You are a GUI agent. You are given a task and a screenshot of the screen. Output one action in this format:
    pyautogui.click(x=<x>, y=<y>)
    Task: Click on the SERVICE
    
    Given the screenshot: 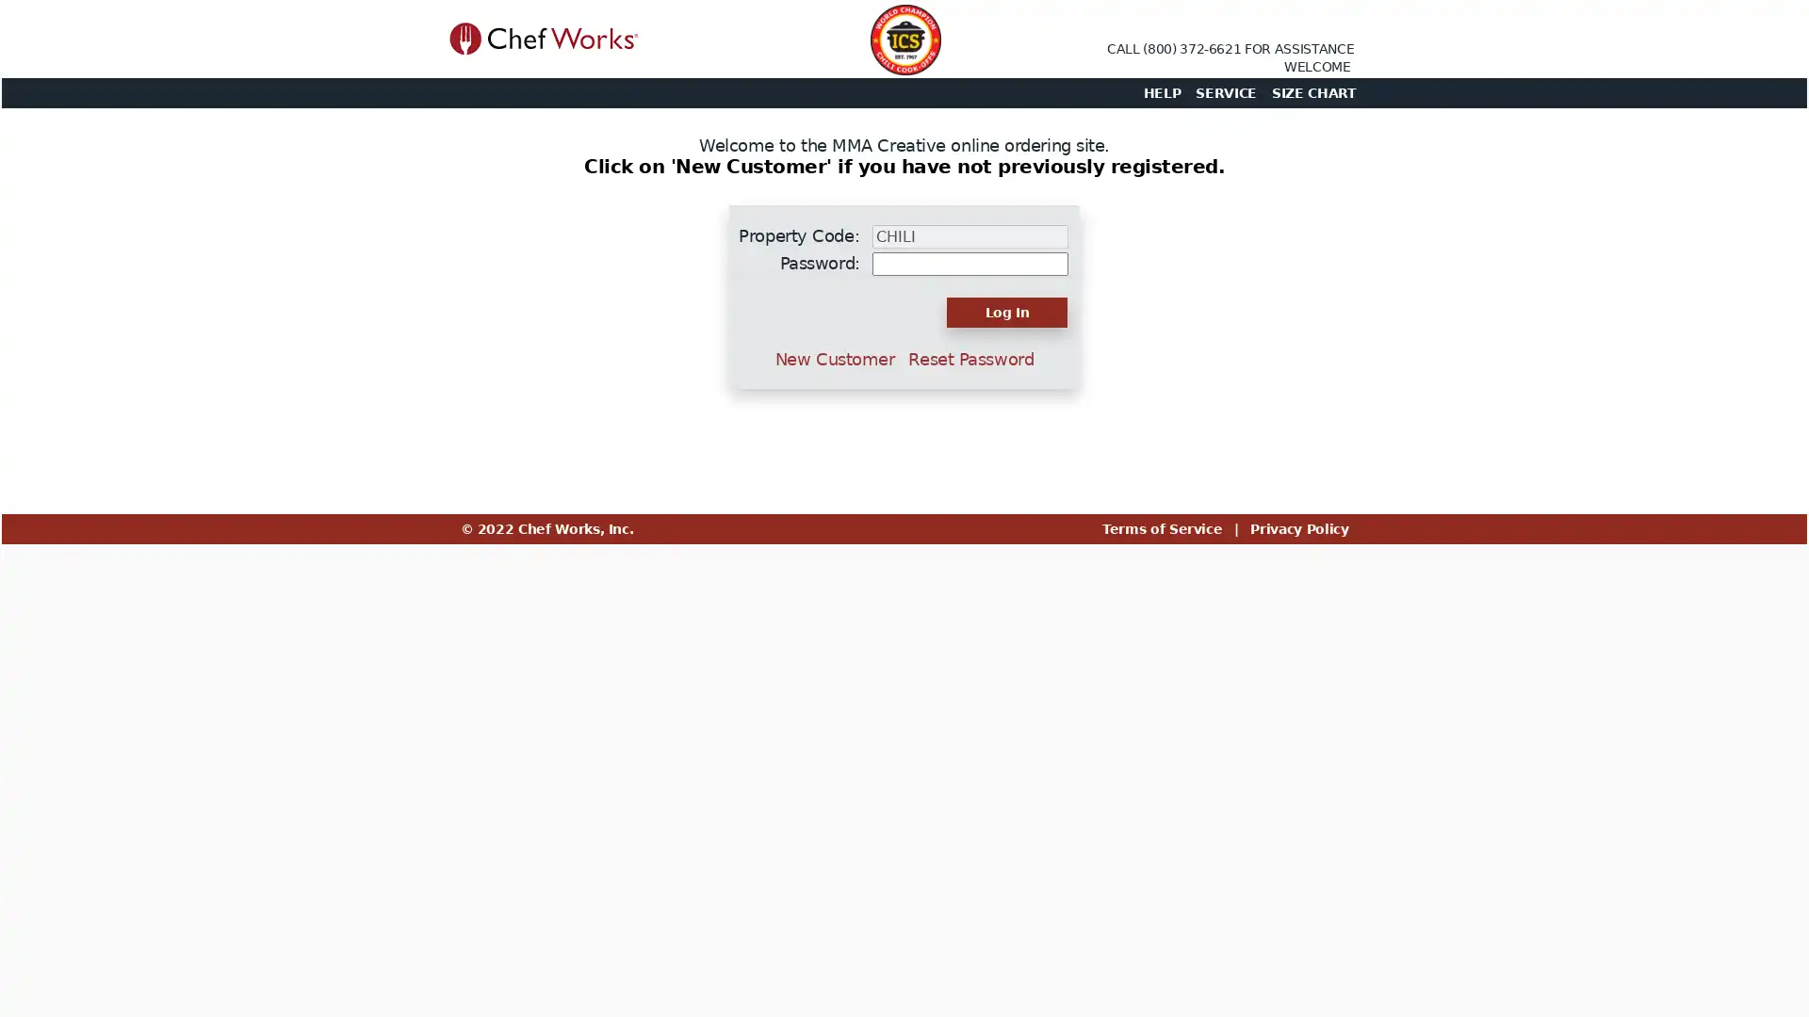 What is the action you would take?
    pyautogui.click(x=1226, y=93)
    